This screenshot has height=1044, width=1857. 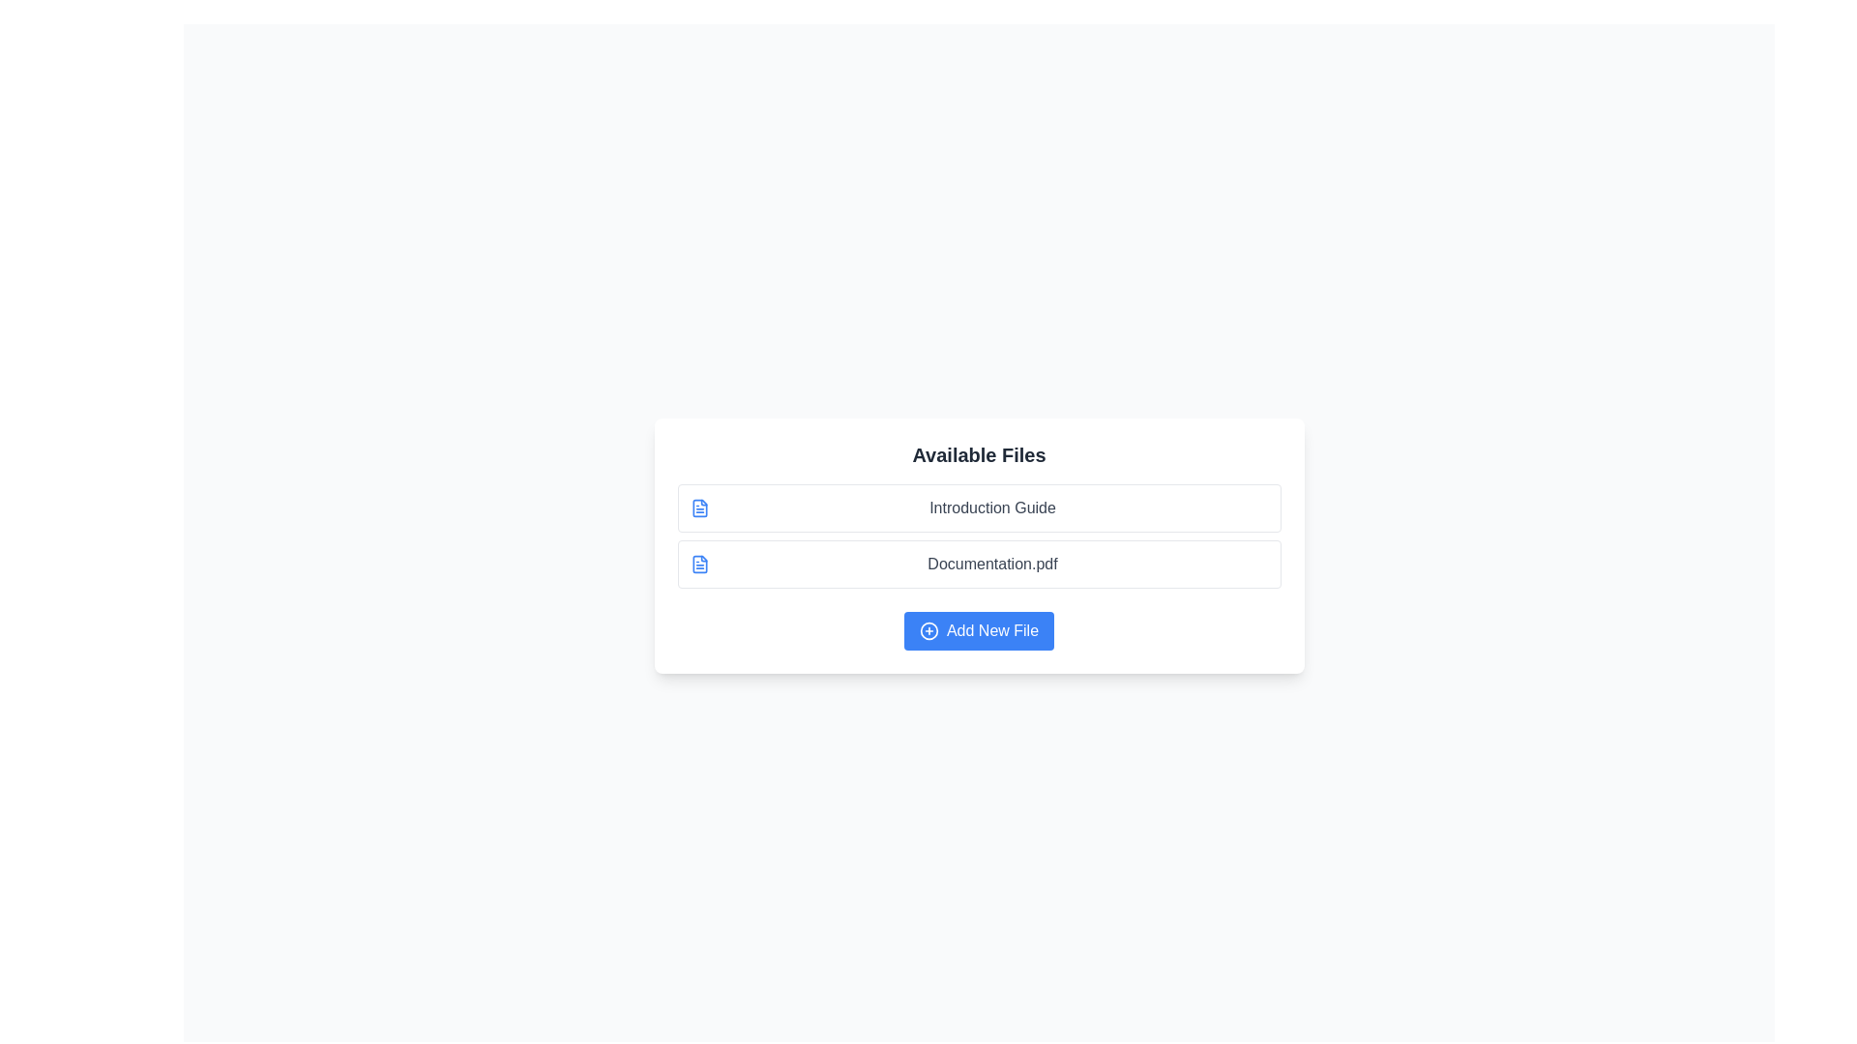 I want to click on the static text header labeled 'Available Files', which is bold and dark gray, located at the top of the panel above the list of file entries, so click(x=979, y=454).